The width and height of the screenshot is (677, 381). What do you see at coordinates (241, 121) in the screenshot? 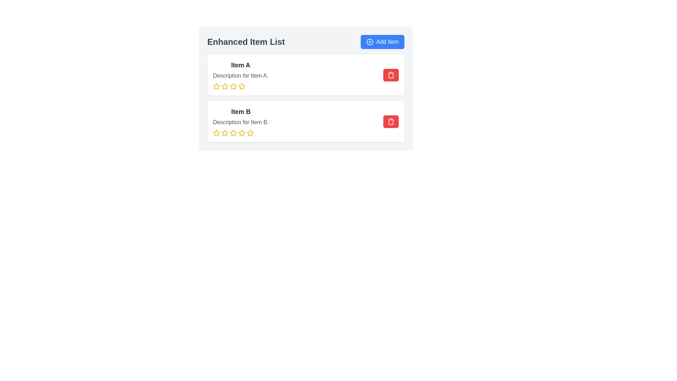
I see `descriptive text of the text block with the bold title 'Item B' and subtext 'Description for Item B.'` at bounding box center [241, 121].